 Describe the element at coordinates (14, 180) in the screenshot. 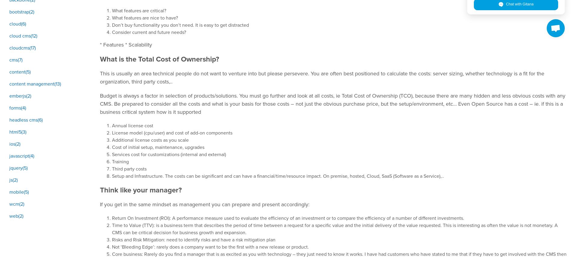

I see `'js(2)'` at that location.